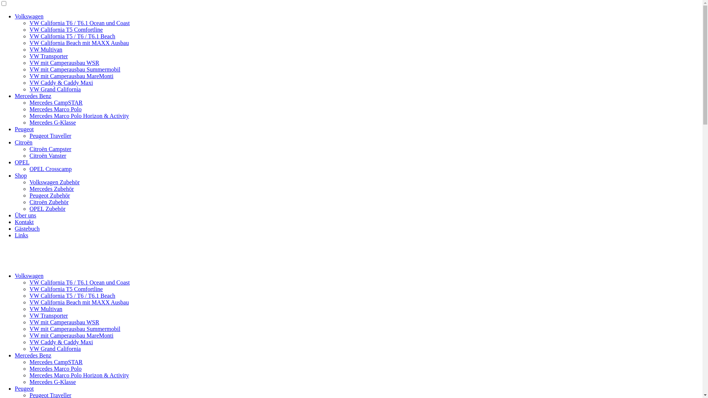 The height and width of the screenshot is (398, 708). What do you see at coordinates (72, 36) in the screenshot?
I see `'VW California T5 / T6 / T6.1 Beach'` at bounding box center [72, 36].